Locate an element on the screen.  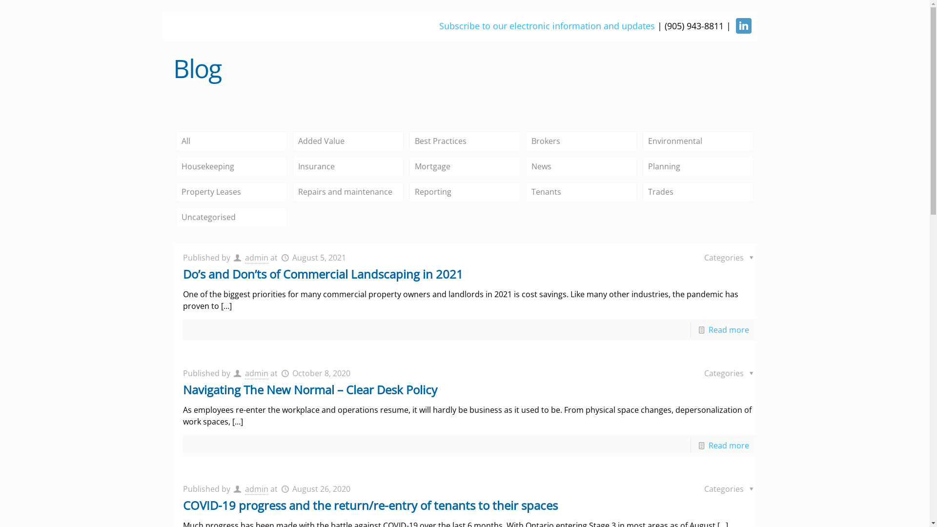
'Environmental' is located at coordinates (697, 141).